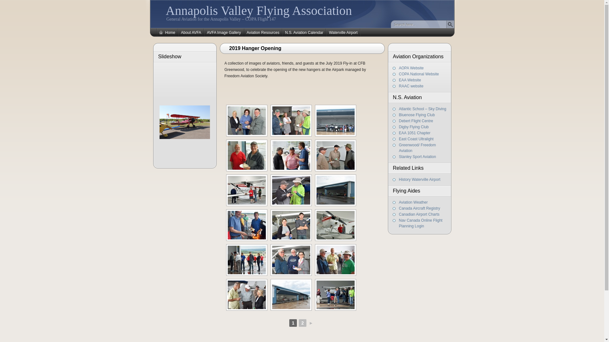 This screenshot has width=609, height=342. What do you see at coordinates (244, 33) in the screenshot?
I see `'Aviation Resources'` at bounding box center [244, 33].